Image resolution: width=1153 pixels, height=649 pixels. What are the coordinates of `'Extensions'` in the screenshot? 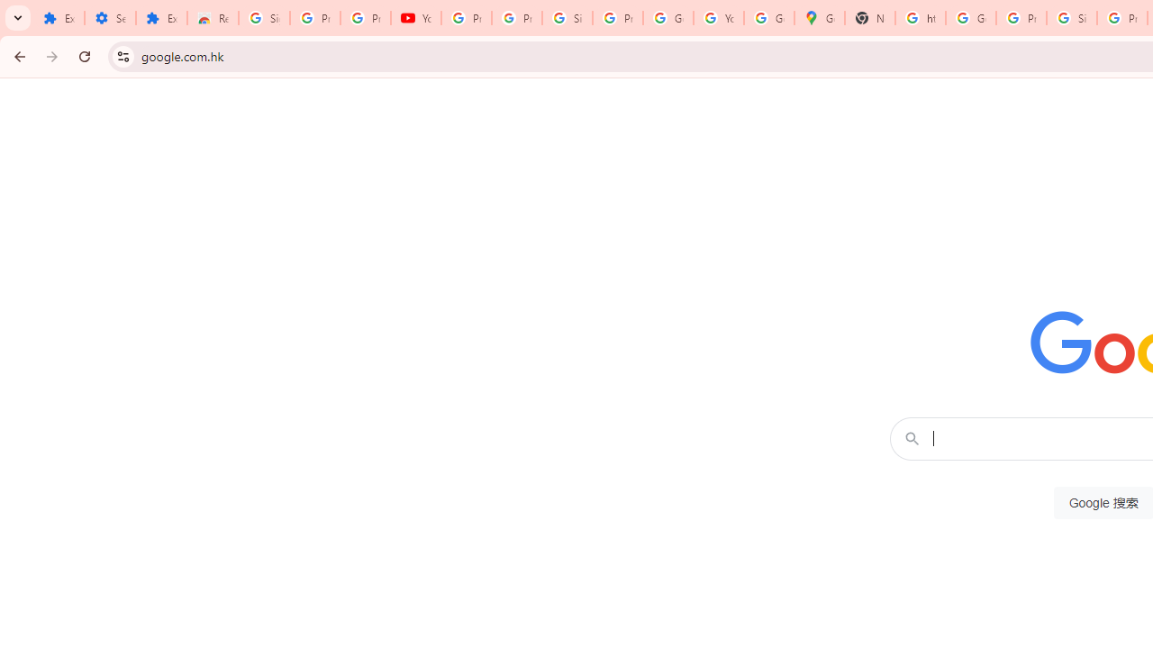 It's located at (59, 18).